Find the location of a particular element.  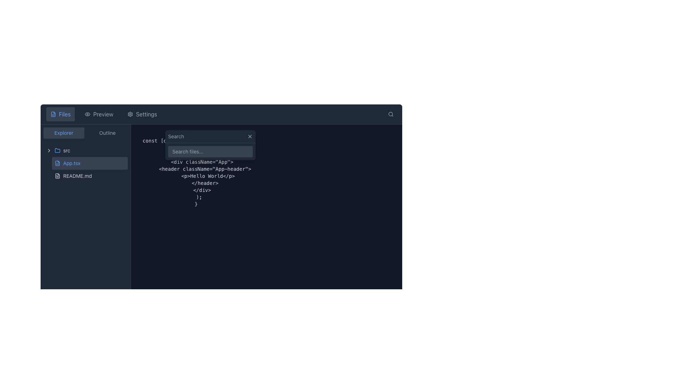

the magnifying glass icon button located at the rightmost corner of the top horizontal bar is located at coordinates (391, 114).